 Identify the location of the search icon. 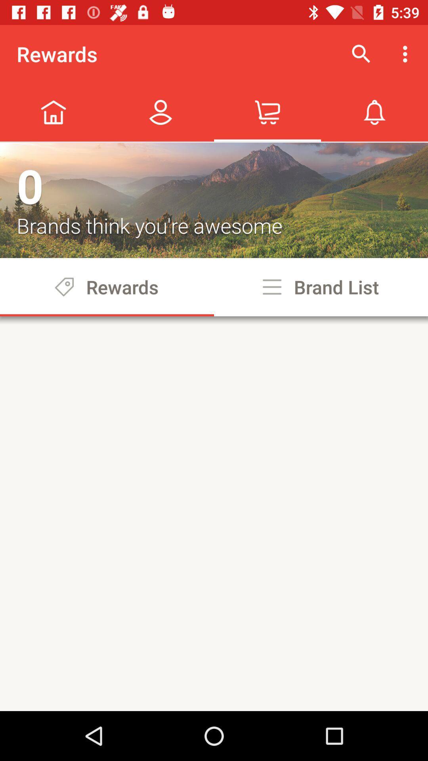
(361, 54).